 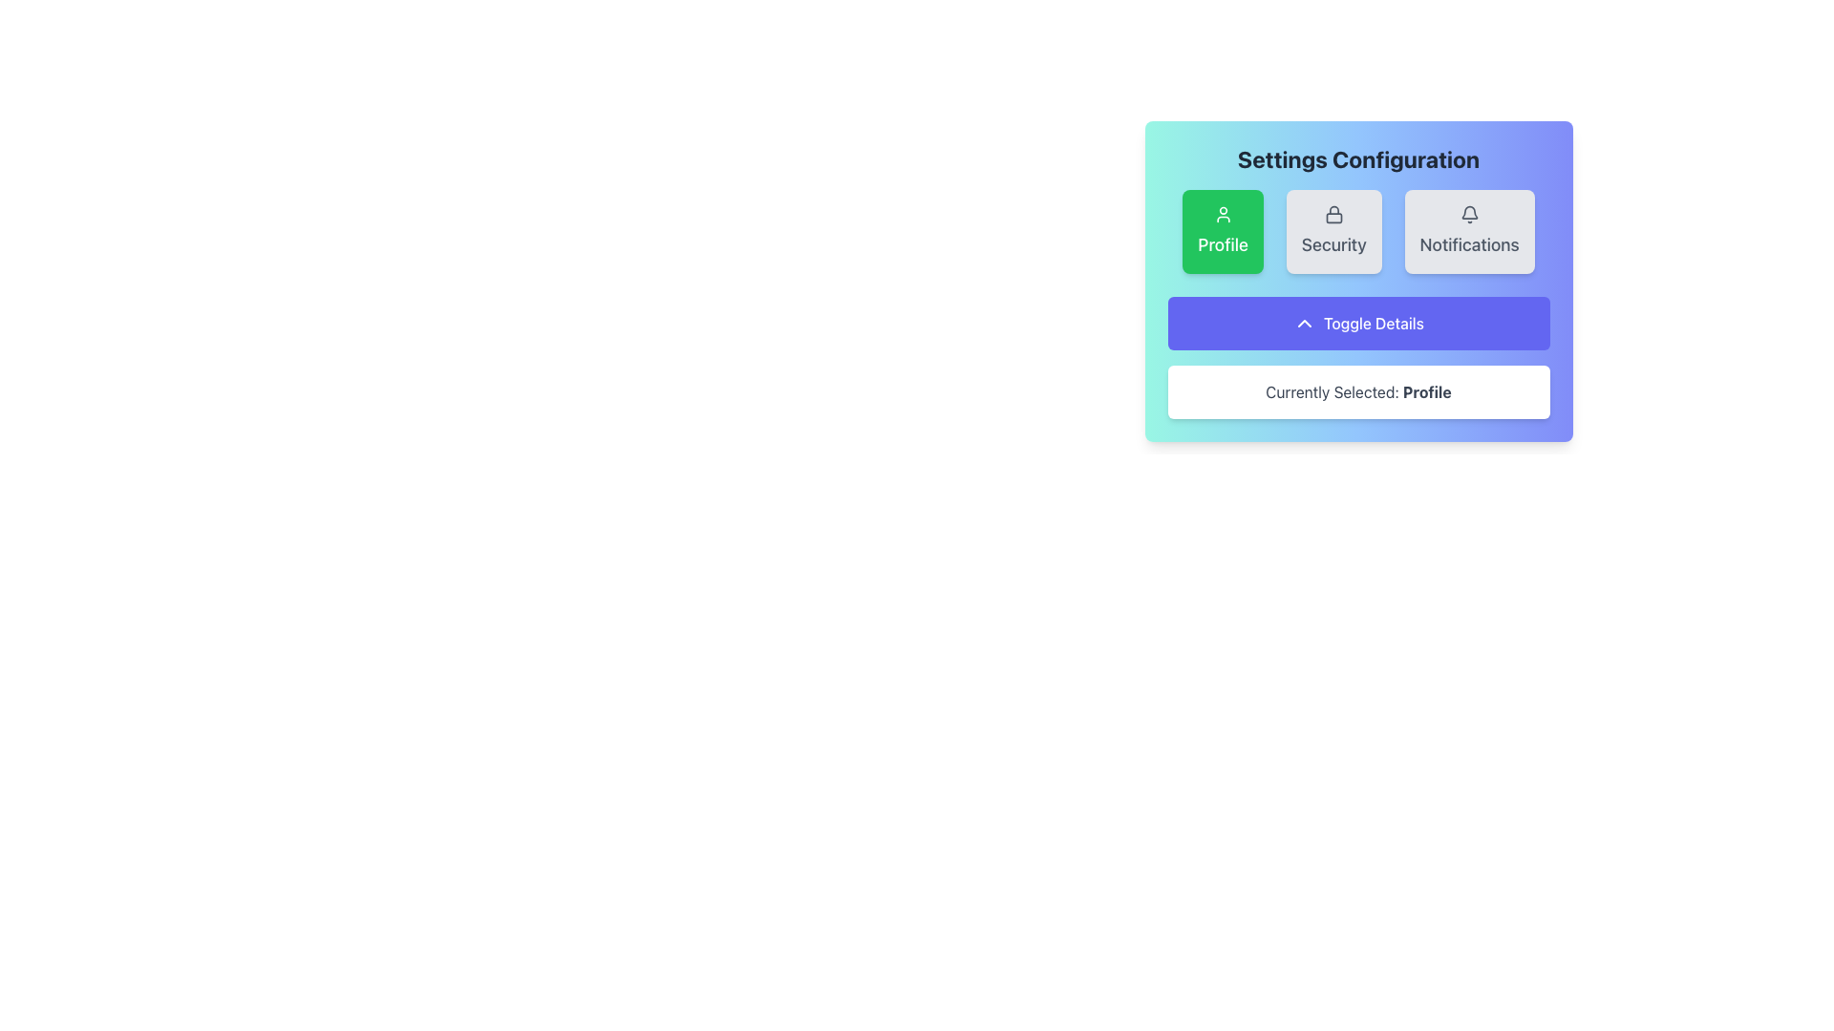 What do you see at coordinates (1468, 214) in the screenshot?
I see `the bell icon that is part of the 'Notifications' button located in the top-right corner of the configuration panel` at bounding box center [1468, 214].